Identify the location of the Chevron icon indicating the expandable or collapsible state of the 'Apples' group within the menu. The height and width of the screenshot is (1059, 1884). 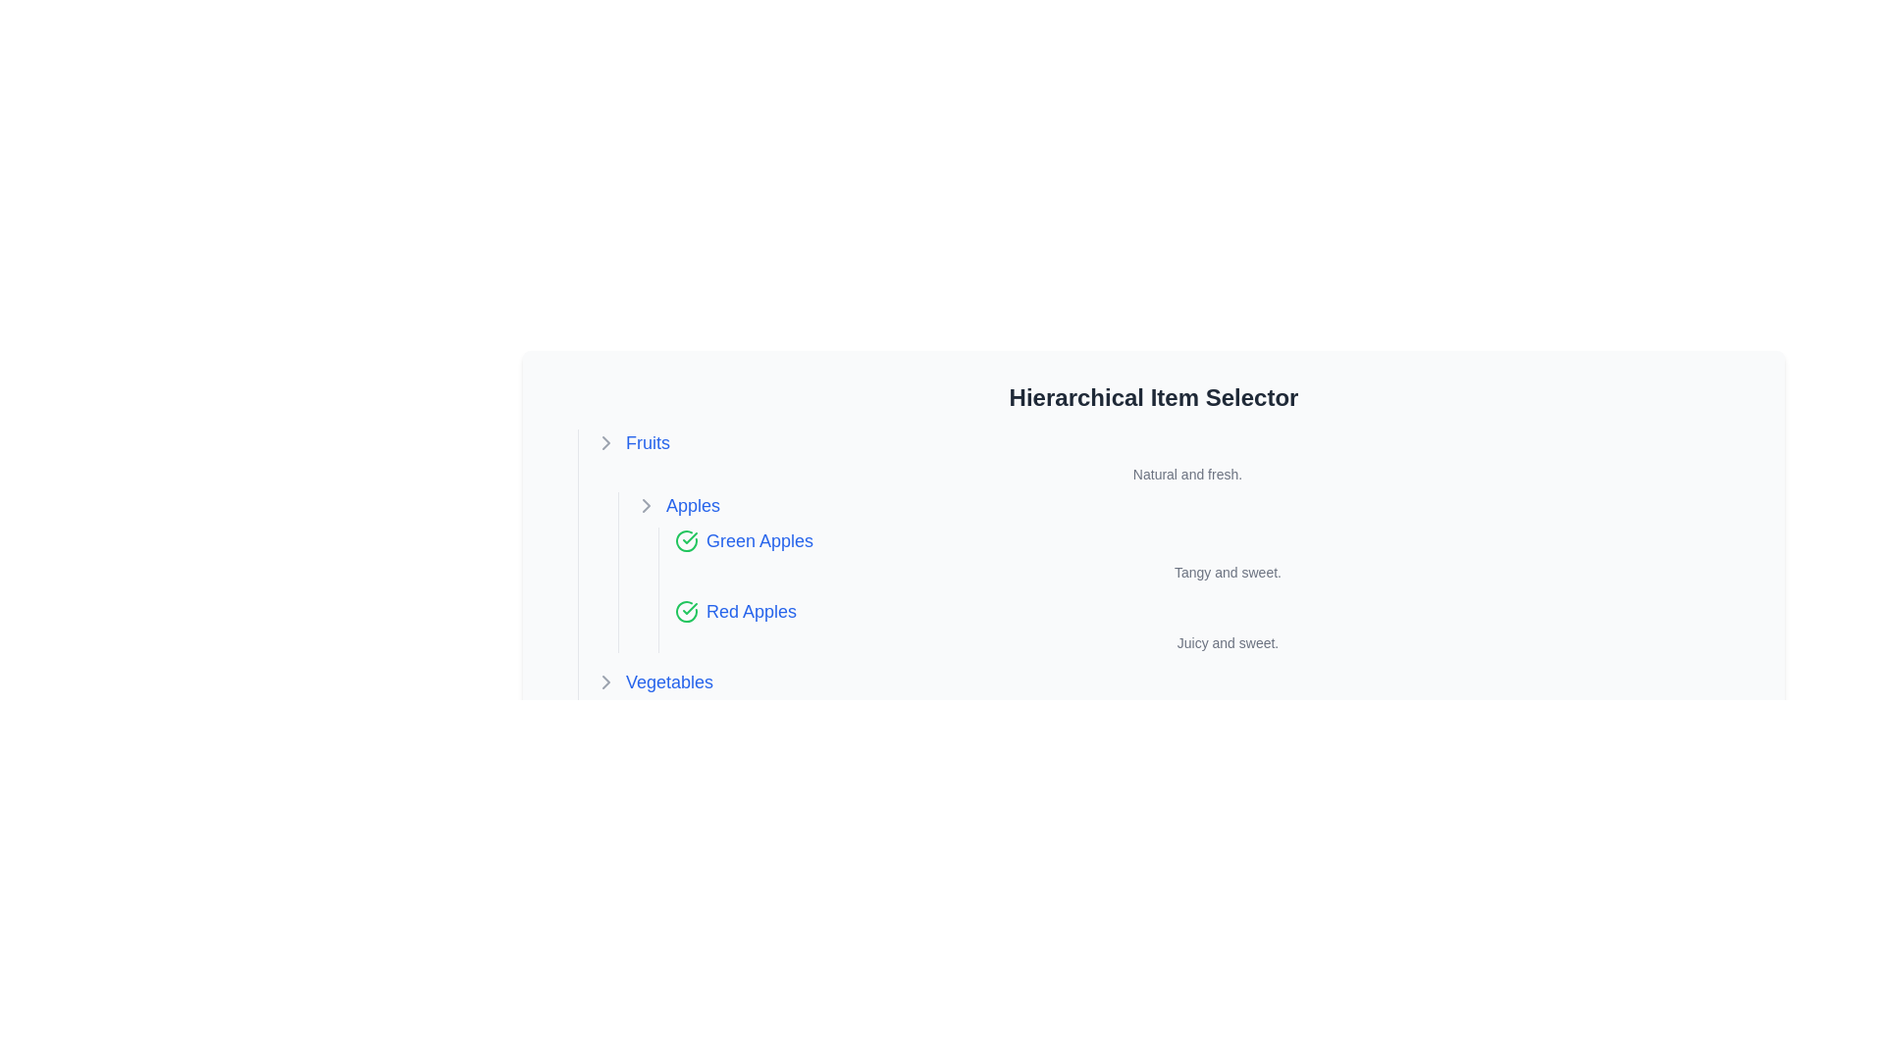
(646, 505).